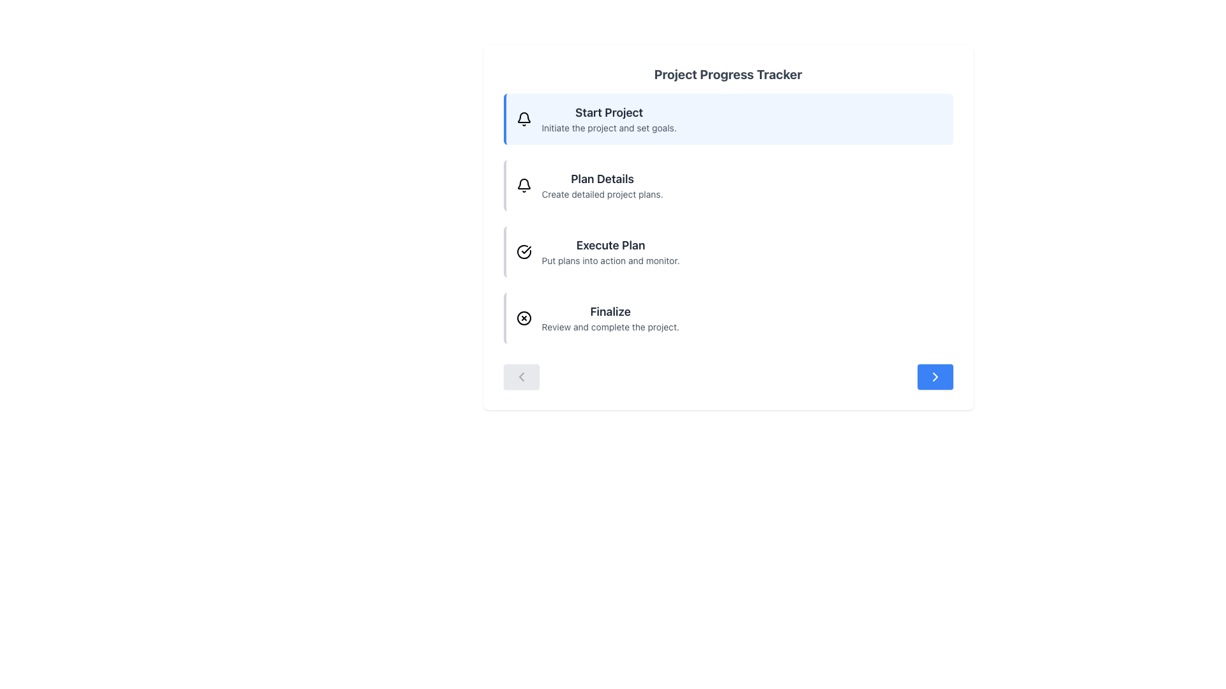  What do you see at coordinates (521, 376) in the screenshot?
I see `the Chevron Icon within the Button located in the bottom-left region of the content area` at bounding box center [521, 376].